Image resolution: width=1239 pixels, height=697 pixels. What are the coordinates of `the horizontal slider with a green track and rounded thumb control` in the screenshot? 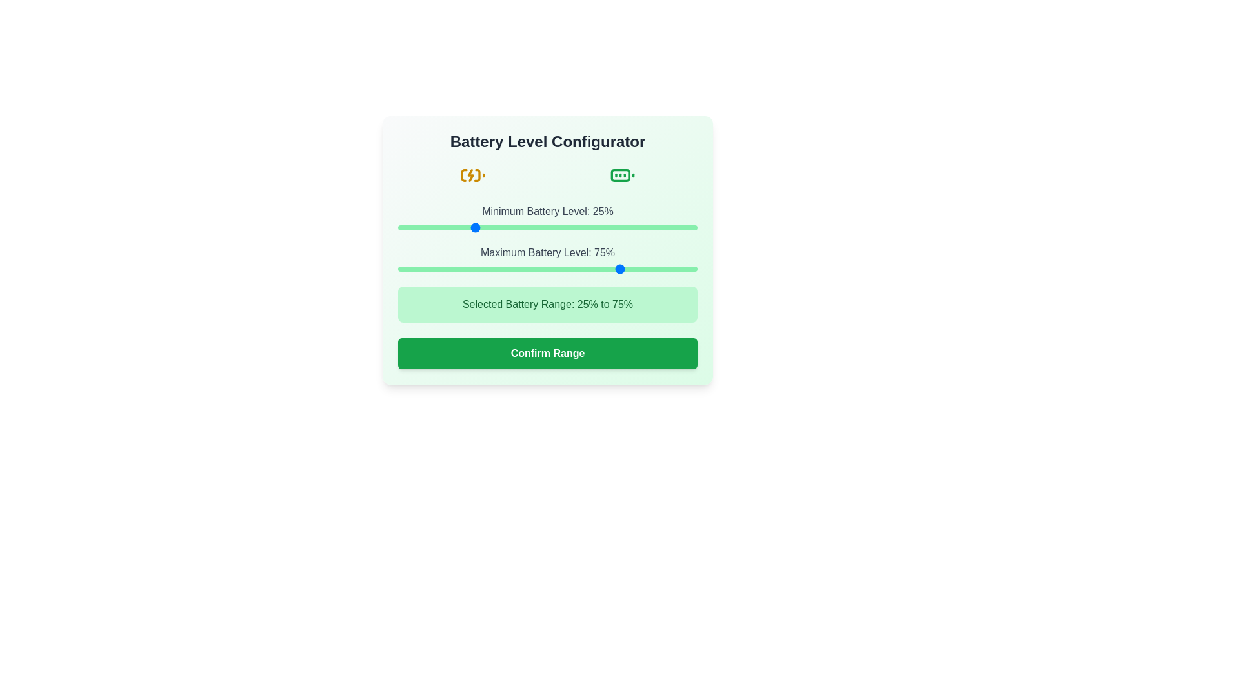 It's located at (548, 268).